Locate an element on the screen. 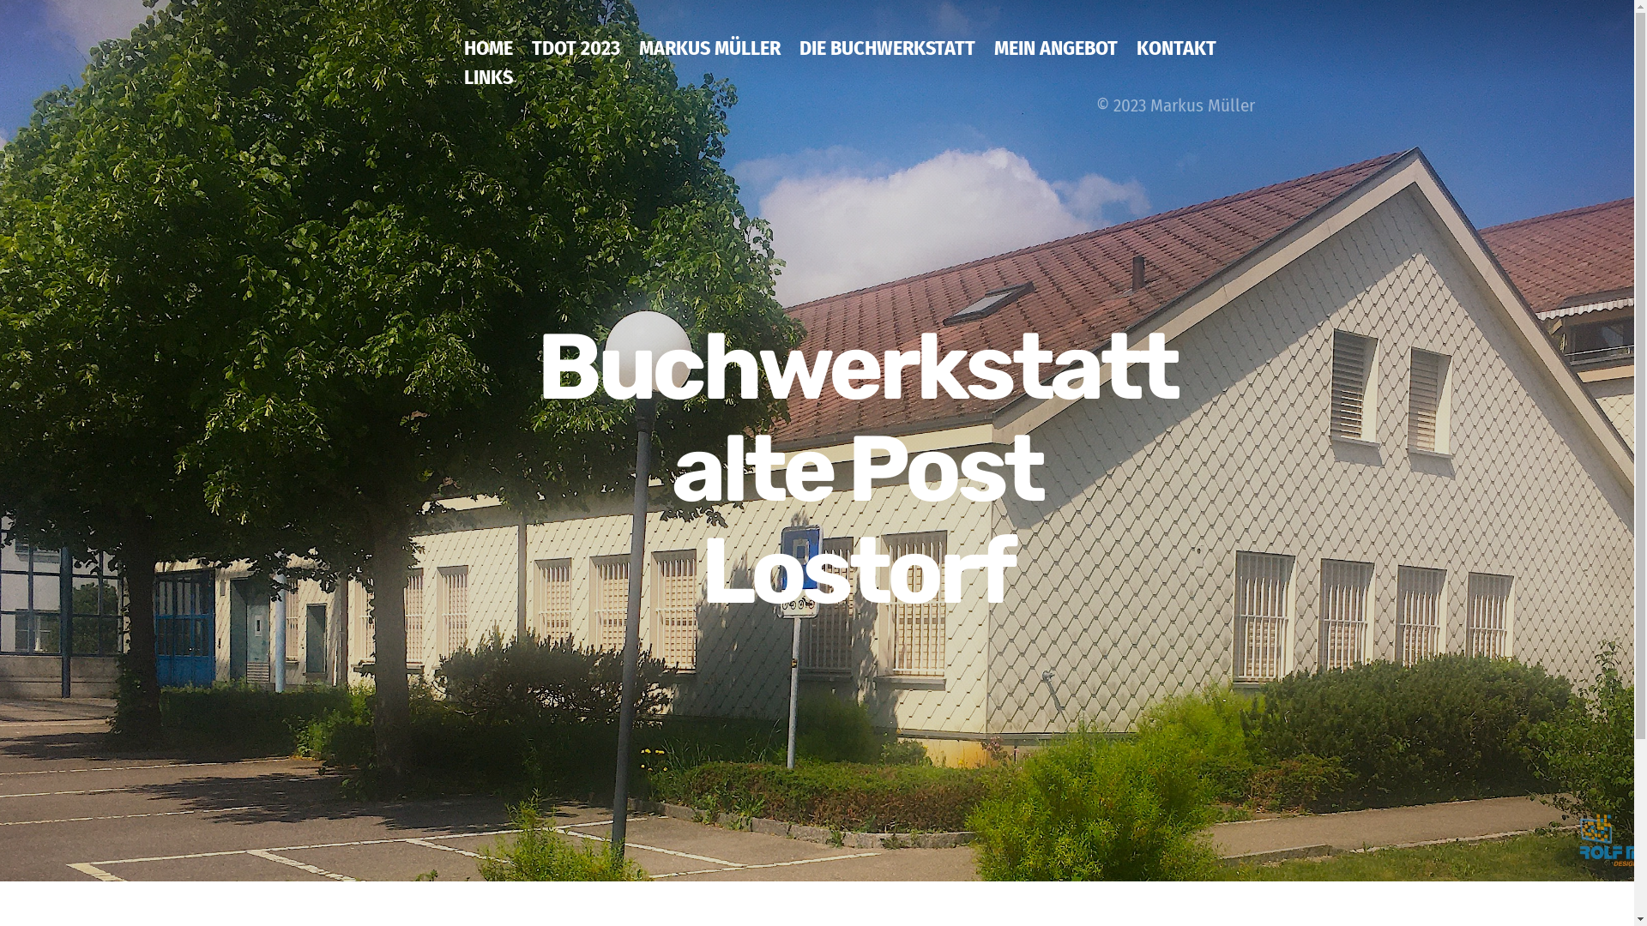 This screenshot has height=926, width=1647. 'LINKS' is located at coordinates (487, 89).